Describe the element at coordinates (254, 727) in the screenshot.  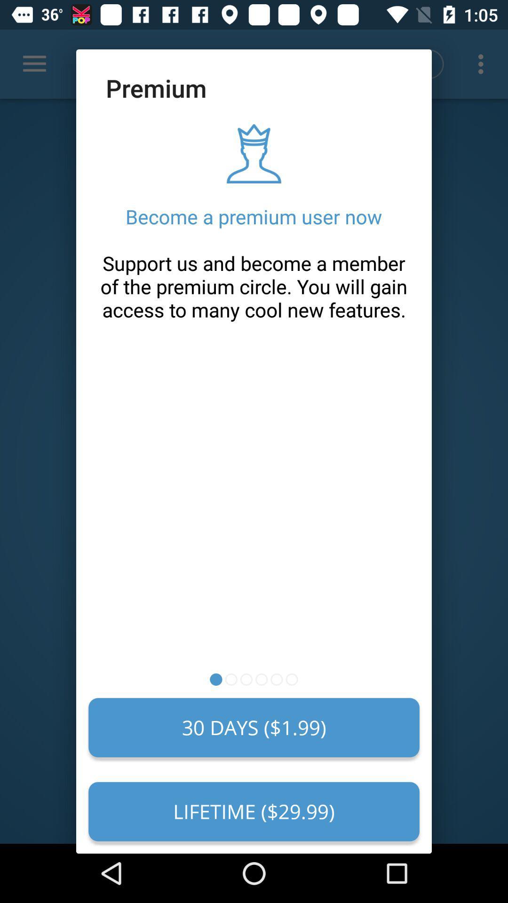
I see `icon above lifetime ($29.99)` at that location.